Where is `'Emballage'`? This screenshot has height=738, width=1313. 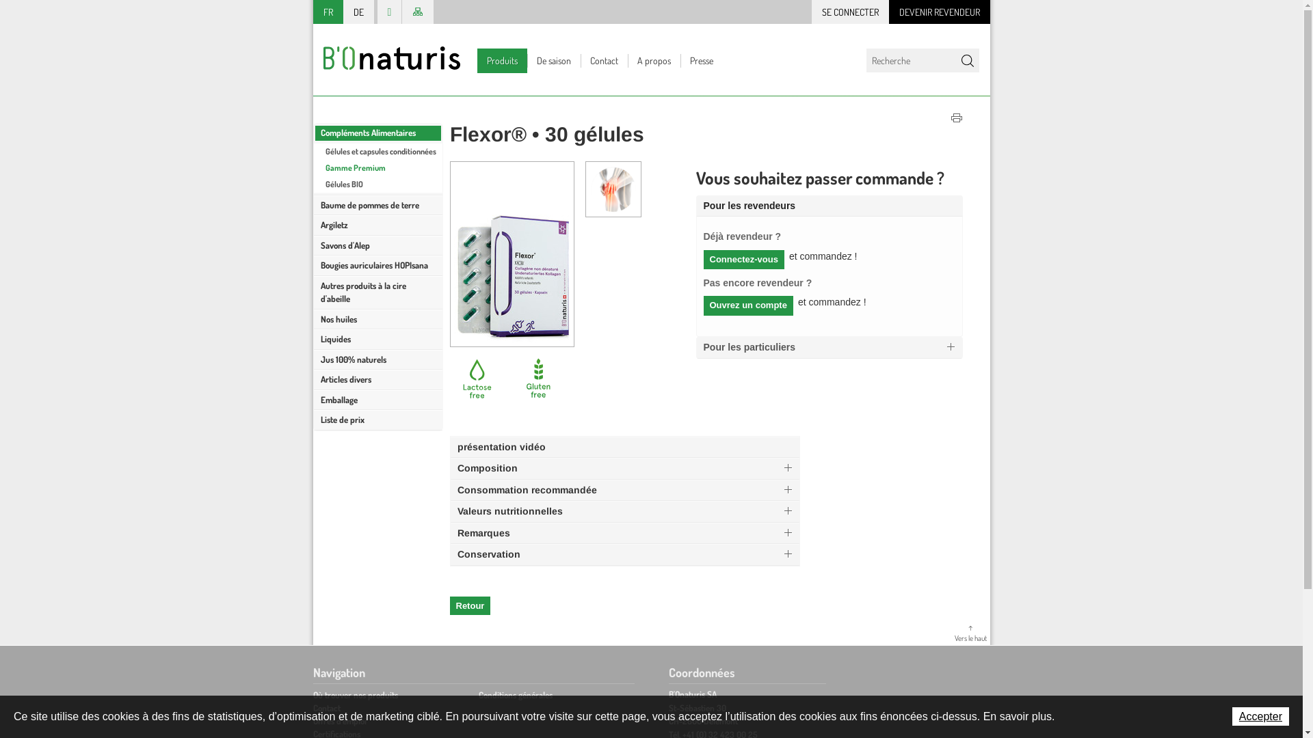 'Emballage' is located at coordinates (314, 400).